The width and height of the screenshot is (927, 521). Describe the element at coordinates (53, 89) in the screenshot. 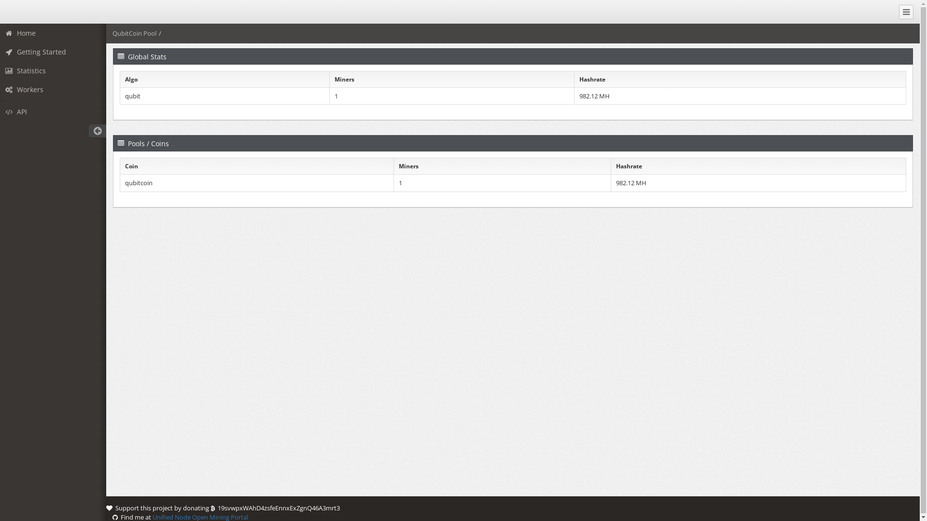

I see `'Workers'` at that location.